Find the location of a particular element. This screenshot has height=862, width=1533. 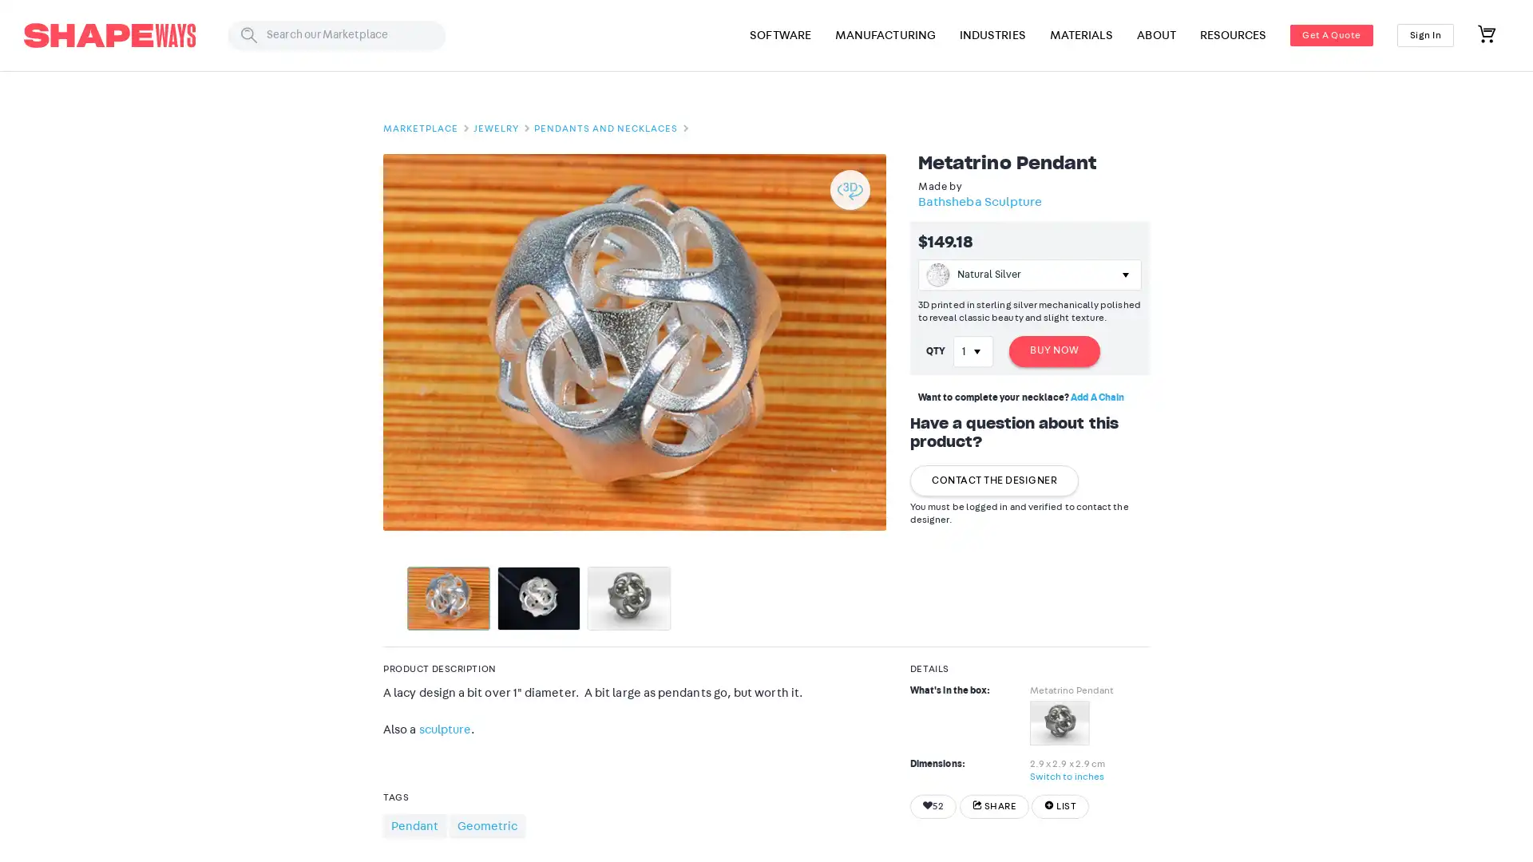

SHARE is located at coordinates (992, 806).